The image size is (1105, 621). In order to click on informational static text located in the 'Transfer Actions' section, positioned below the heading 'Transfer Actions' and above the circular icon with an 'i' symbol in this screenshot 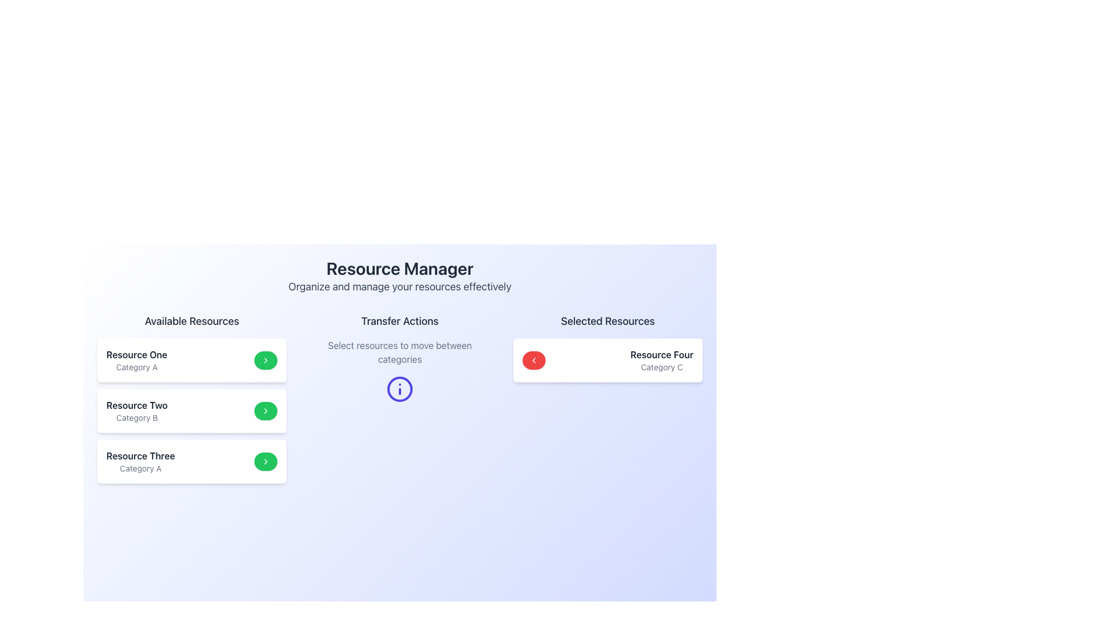, I will do `click(400, 352)`.